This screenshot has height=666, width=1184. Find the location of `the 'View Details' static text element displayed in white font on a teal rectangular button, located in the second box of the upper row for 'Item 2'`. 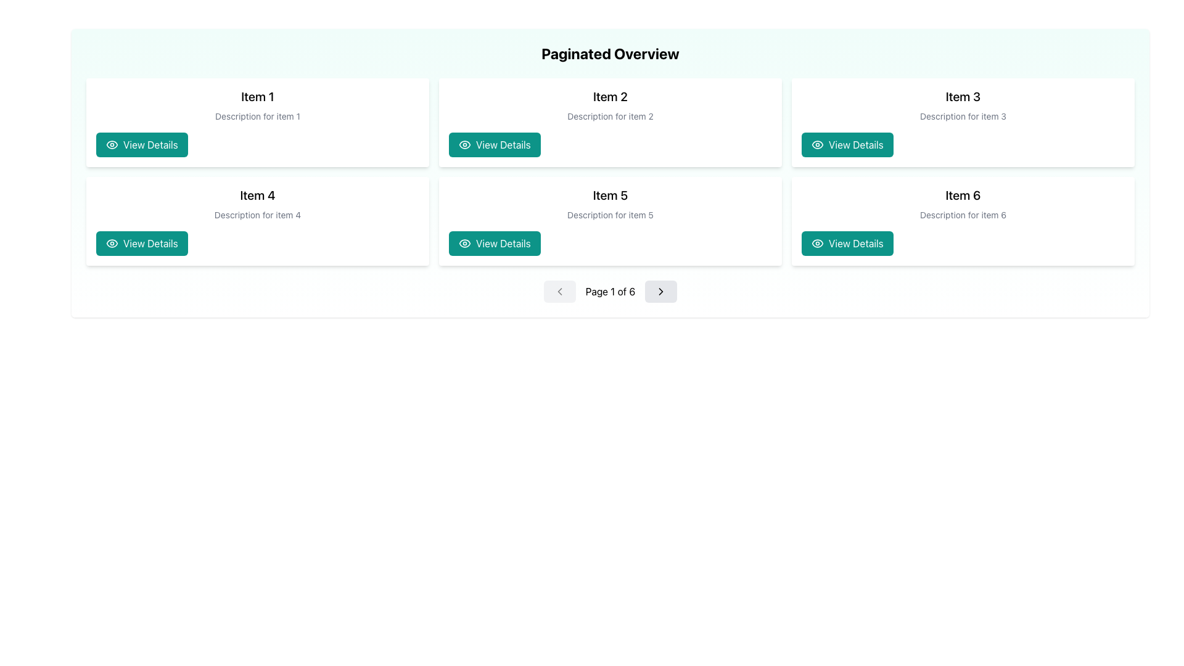

the 'View Details' static text element displayed in white font on a teal rectangular button, located in the second box of the upper row for 'Item 2' is located at coordinates (503, 144).